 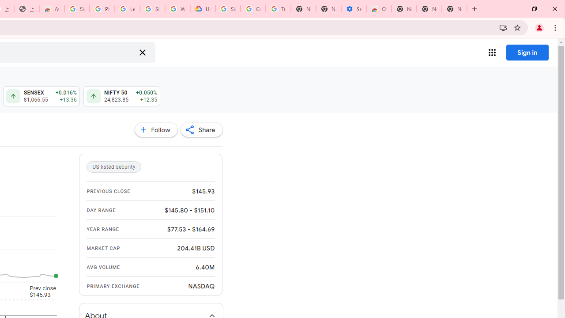 What do you see at coordinates (156, 130) in the screenshot?
I see `'Follow'` at bounding box center [156, 130].